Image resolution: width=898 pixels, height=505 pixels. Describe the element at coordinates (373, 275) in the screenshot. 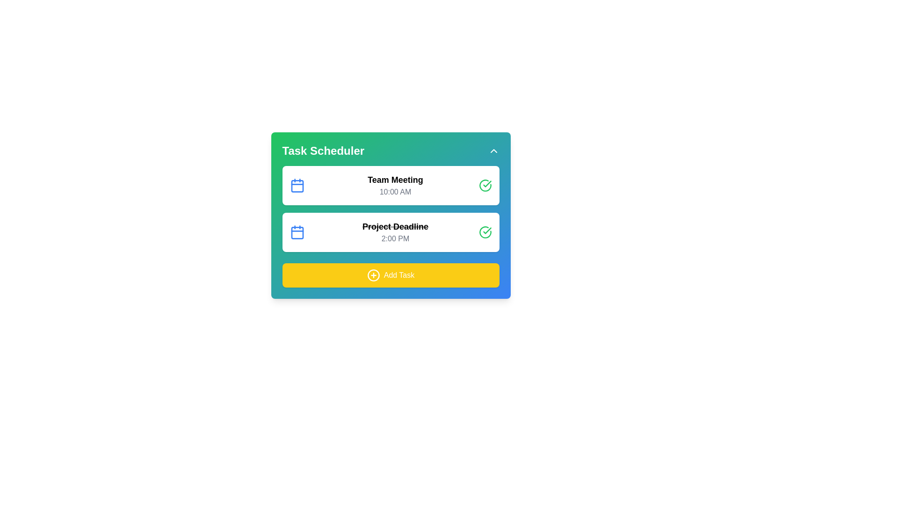

I see `the yellow circular icon with a plus sign, which is centrally positioned to the left of the 'Add Task' text` at that location.